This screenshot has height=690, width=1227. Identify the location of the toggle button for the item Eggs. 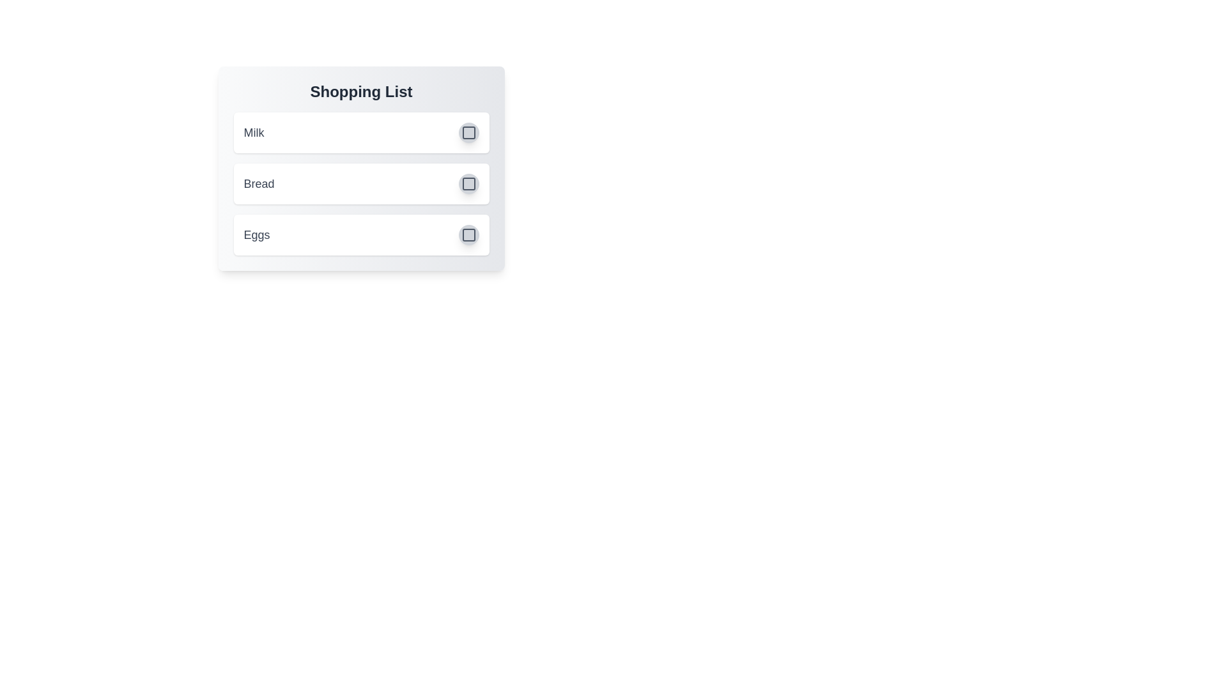
(468, 234).